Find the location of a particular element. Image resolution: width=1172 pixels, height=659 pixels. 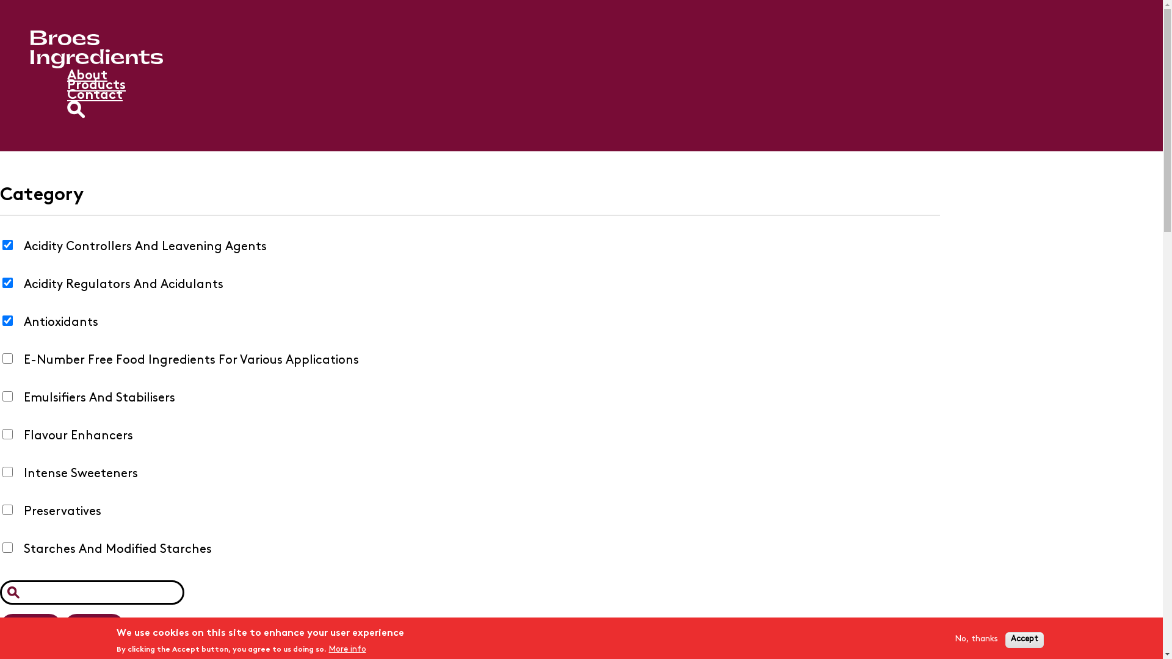

'Reset' is located at coordinates (93, 626).